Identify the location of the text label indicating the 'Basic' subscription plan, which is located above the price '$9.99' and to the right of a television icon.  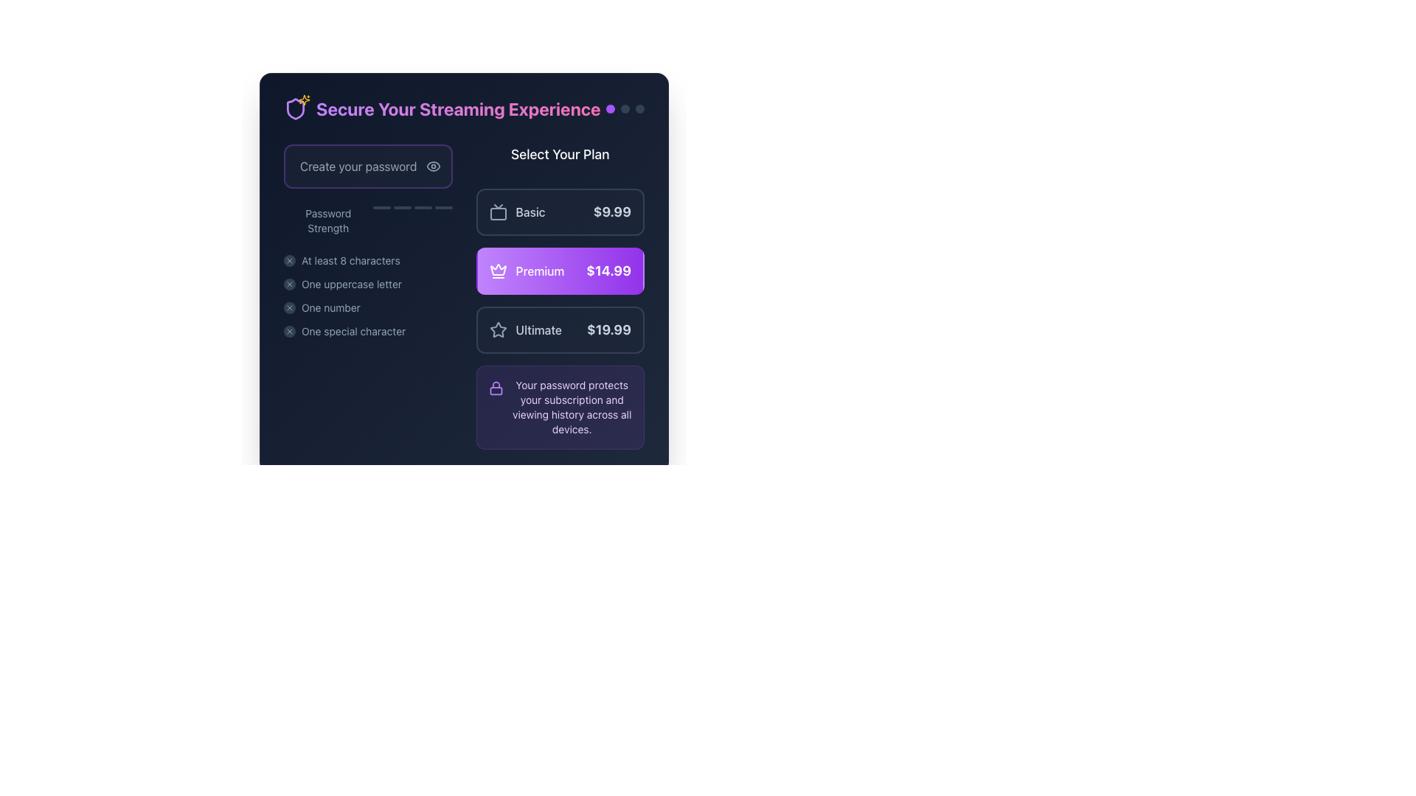
(530, 212).